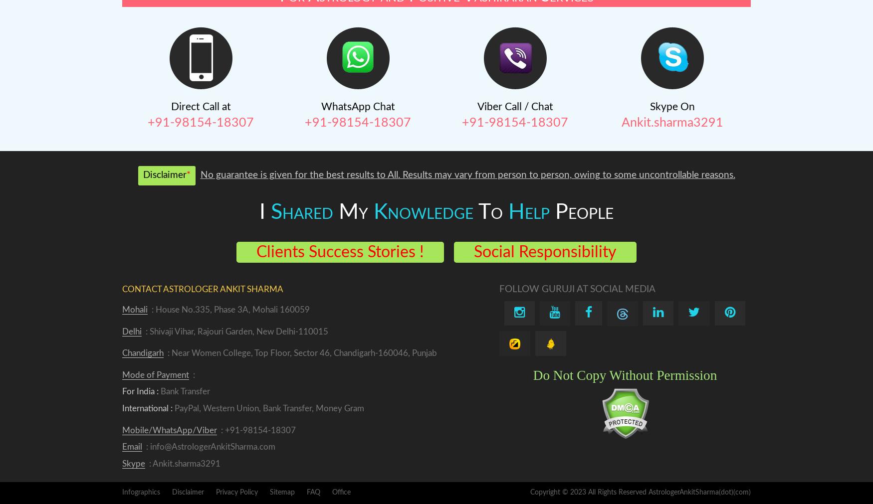 Image resolution: width=873 pixels, height=504 pixels. Describe the element at coordinates (184, 463) in the screenshot. I see `': Ankit.sharma3291'` at that location.